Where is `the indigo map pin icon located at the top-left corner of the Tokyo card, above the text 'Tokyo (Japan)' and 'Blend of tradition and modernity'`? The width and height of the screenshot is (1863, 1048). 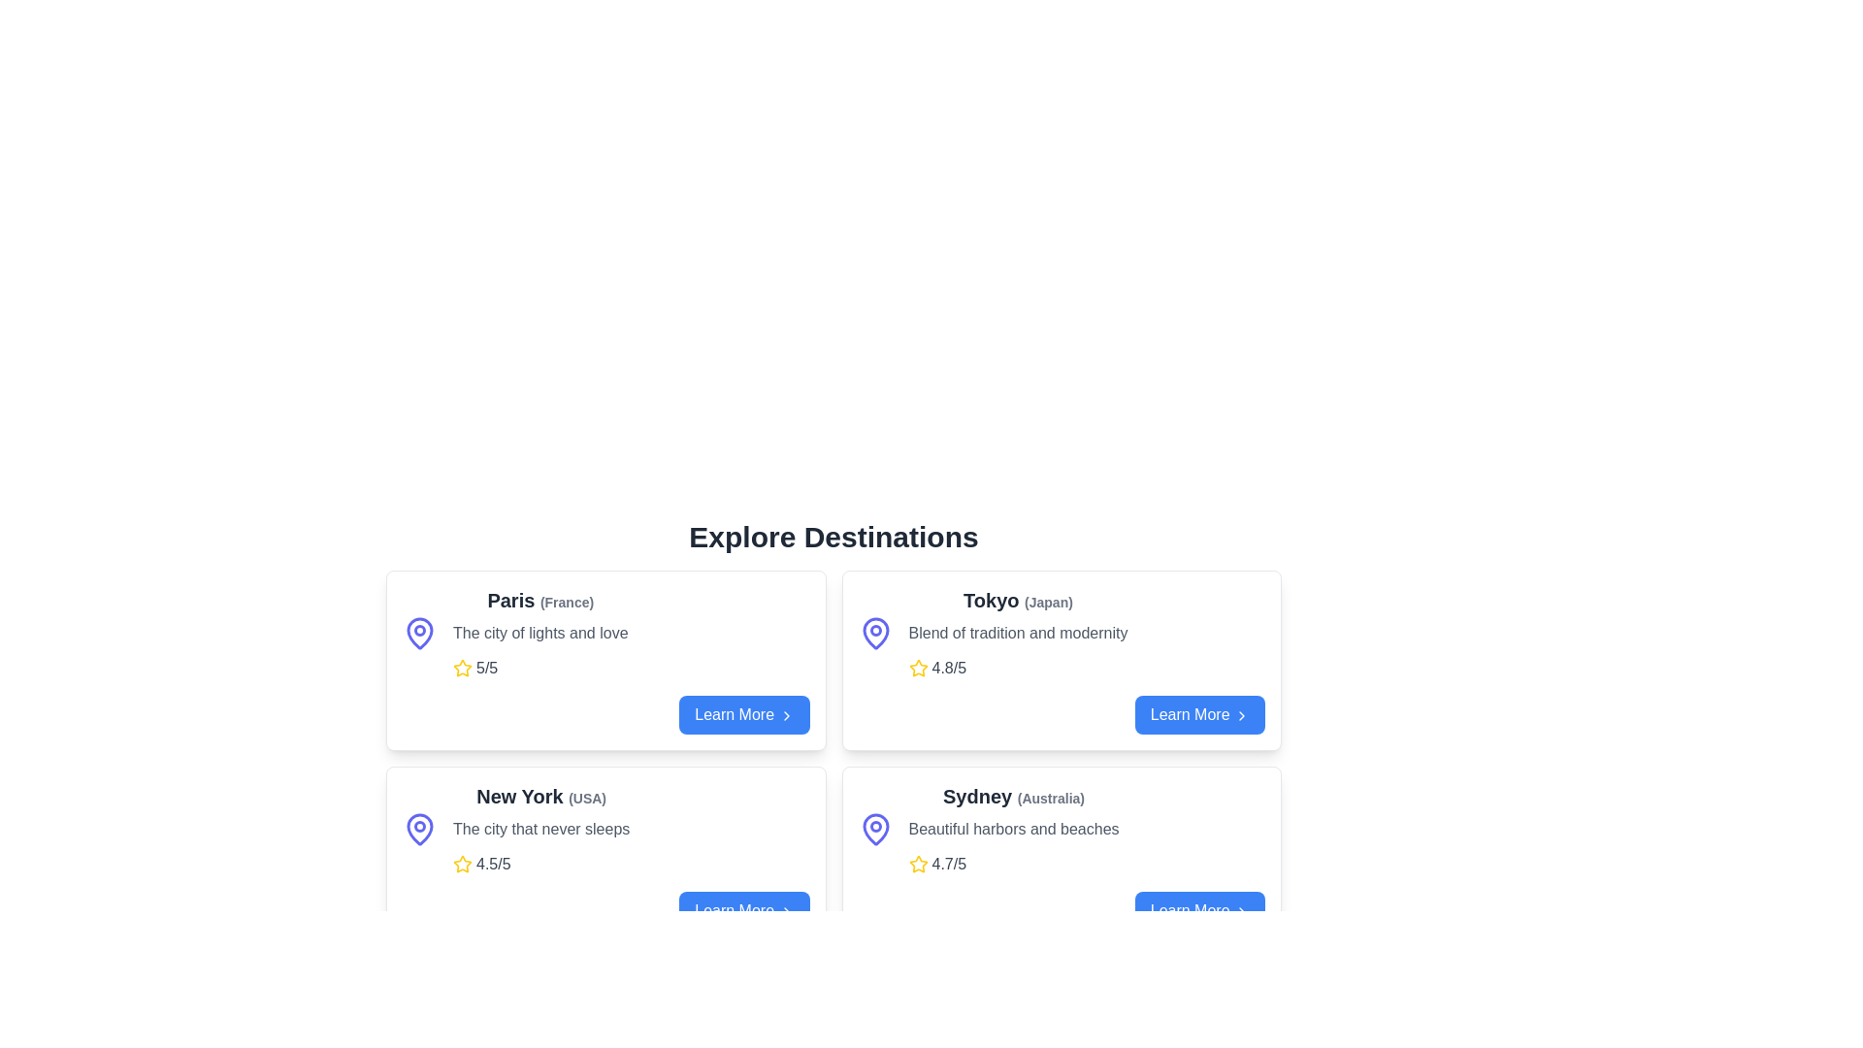
the indigo map pin icon located at the top-left corner of the Tokyo card, above the text 'Tokyo (Japan)' and 'Blend of tradition and modernity' is located at coordinates (874, 633).